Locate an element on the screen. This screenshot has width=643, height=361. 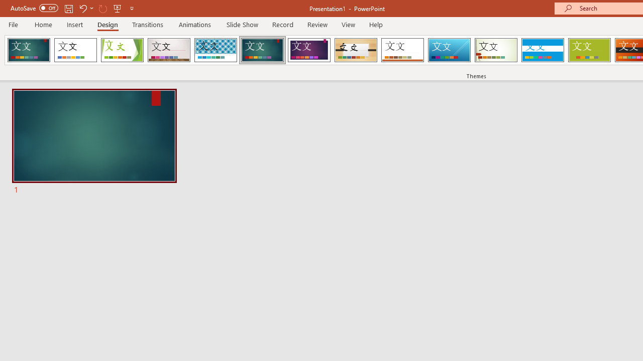
'Ion Boardroom Loading Preview...' is located at coordinates (308, 50).